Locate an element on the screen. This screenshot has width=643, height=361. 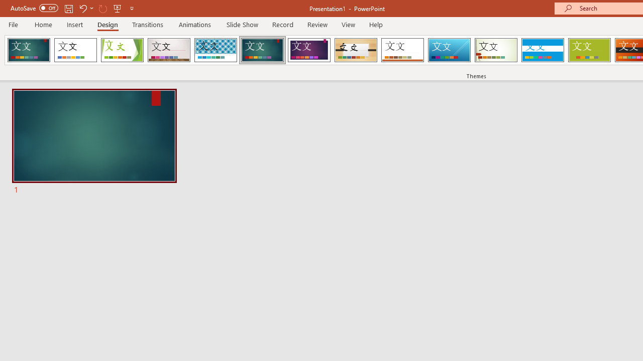
'Ion Boardroom Loading Preview...' is located at coordinates (308, 50).